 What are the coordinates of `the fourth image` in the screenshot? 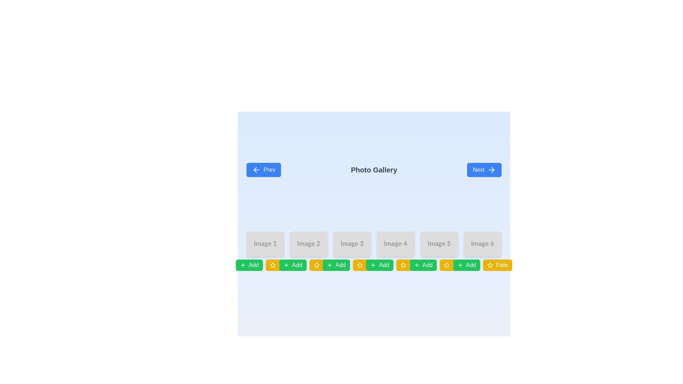 It's located at (395, 244).